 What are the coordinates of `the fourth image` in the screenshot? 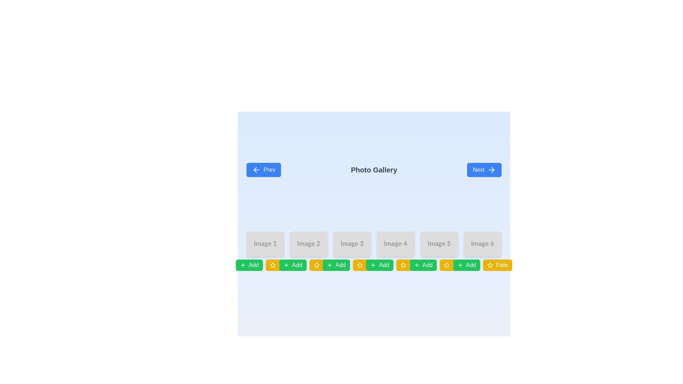 It's located at (395, 244).